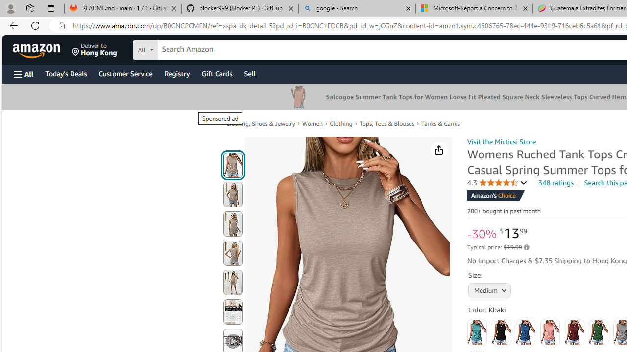 The image size is (627, 352). What do you see at coordinates (526, 247) in the screenshot?
I see `'Learn more about Amazon pricing and savings'` at bounding box center [526, 247].